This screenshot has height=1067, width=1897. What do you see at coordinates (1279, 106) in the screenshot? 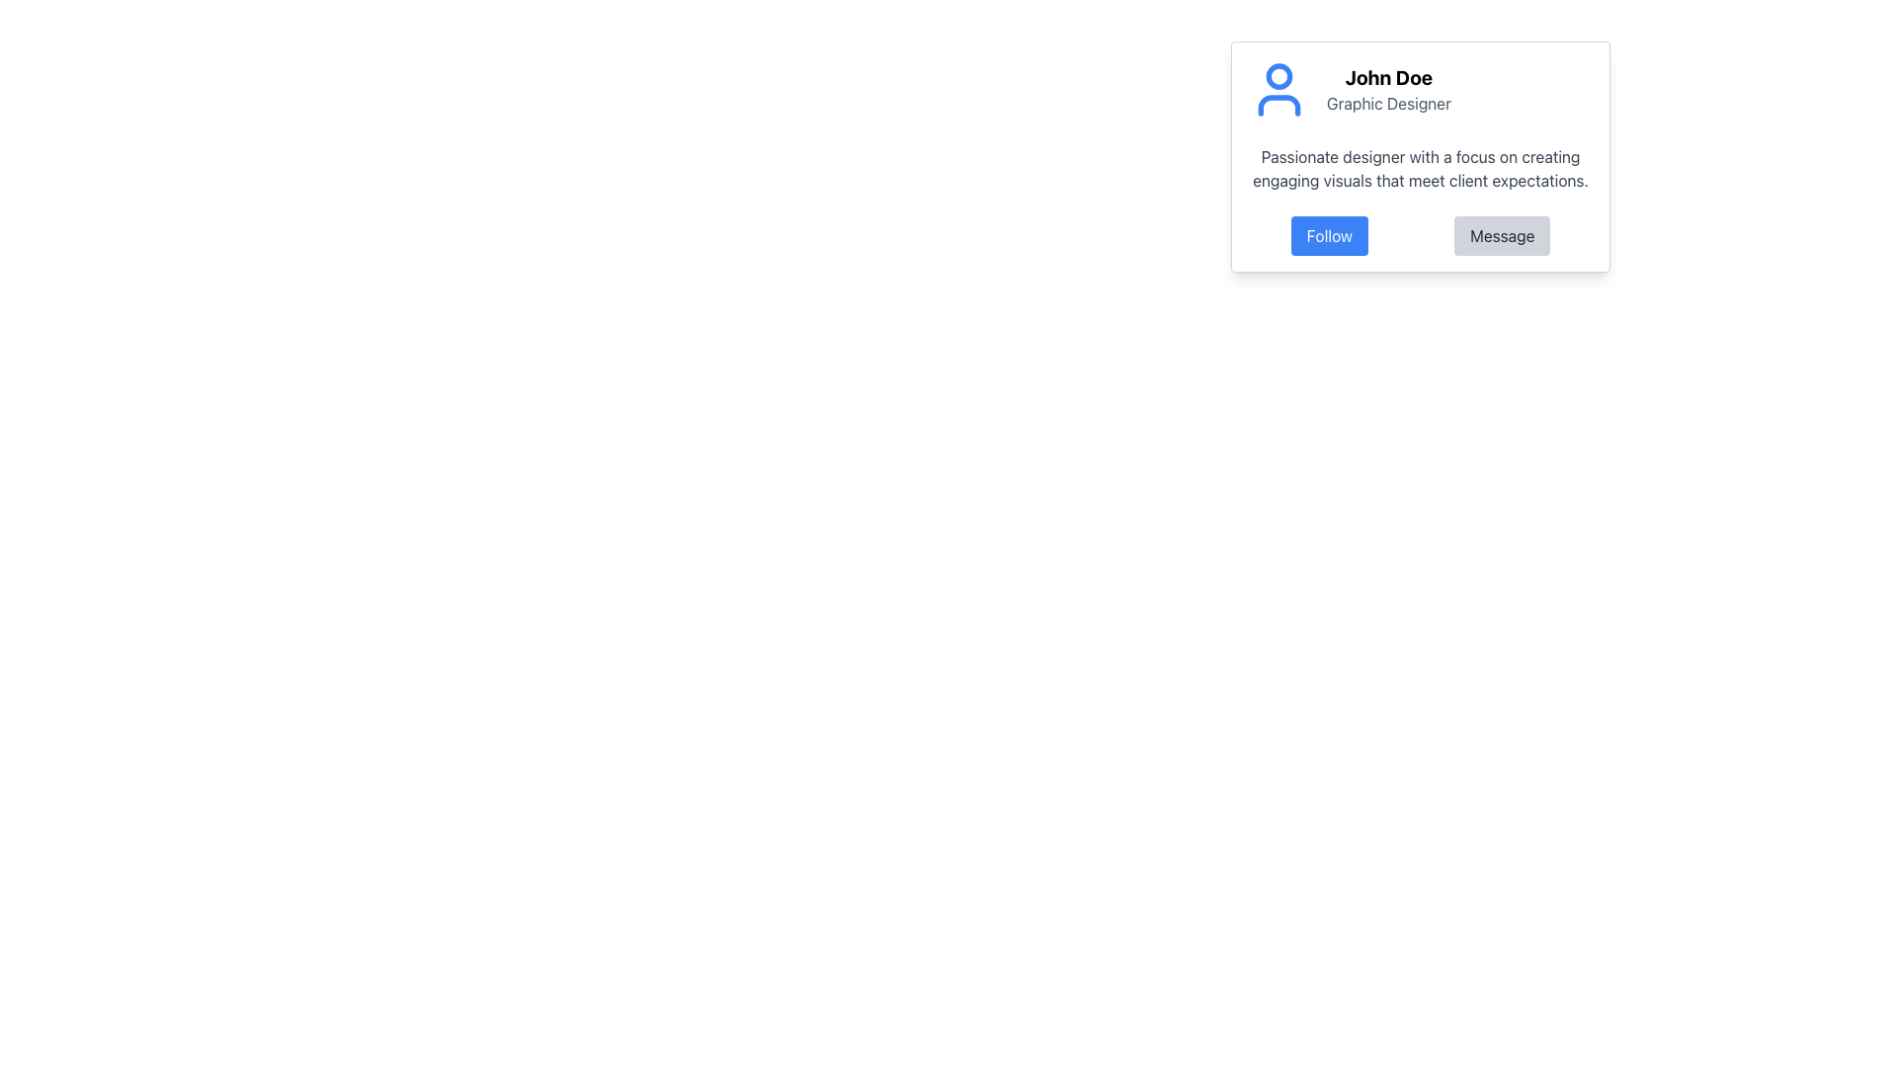
I see `the dark silhouette of a person's torso and arms within the user avatar illustration located at the bottom section of the circular avatar icon at the top-left of the white card` at bounding box center [1279, 106].